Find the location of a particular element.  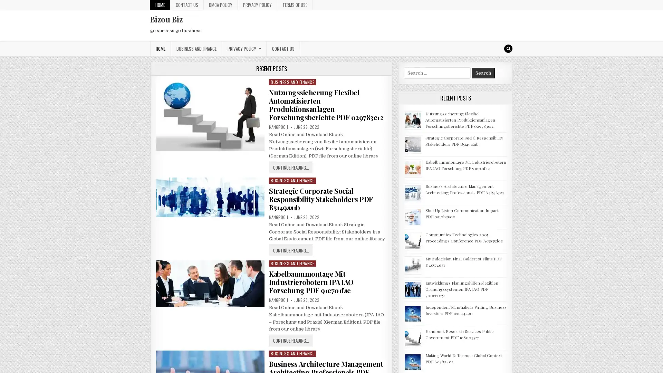

Search is located at coordinates (483, 73).